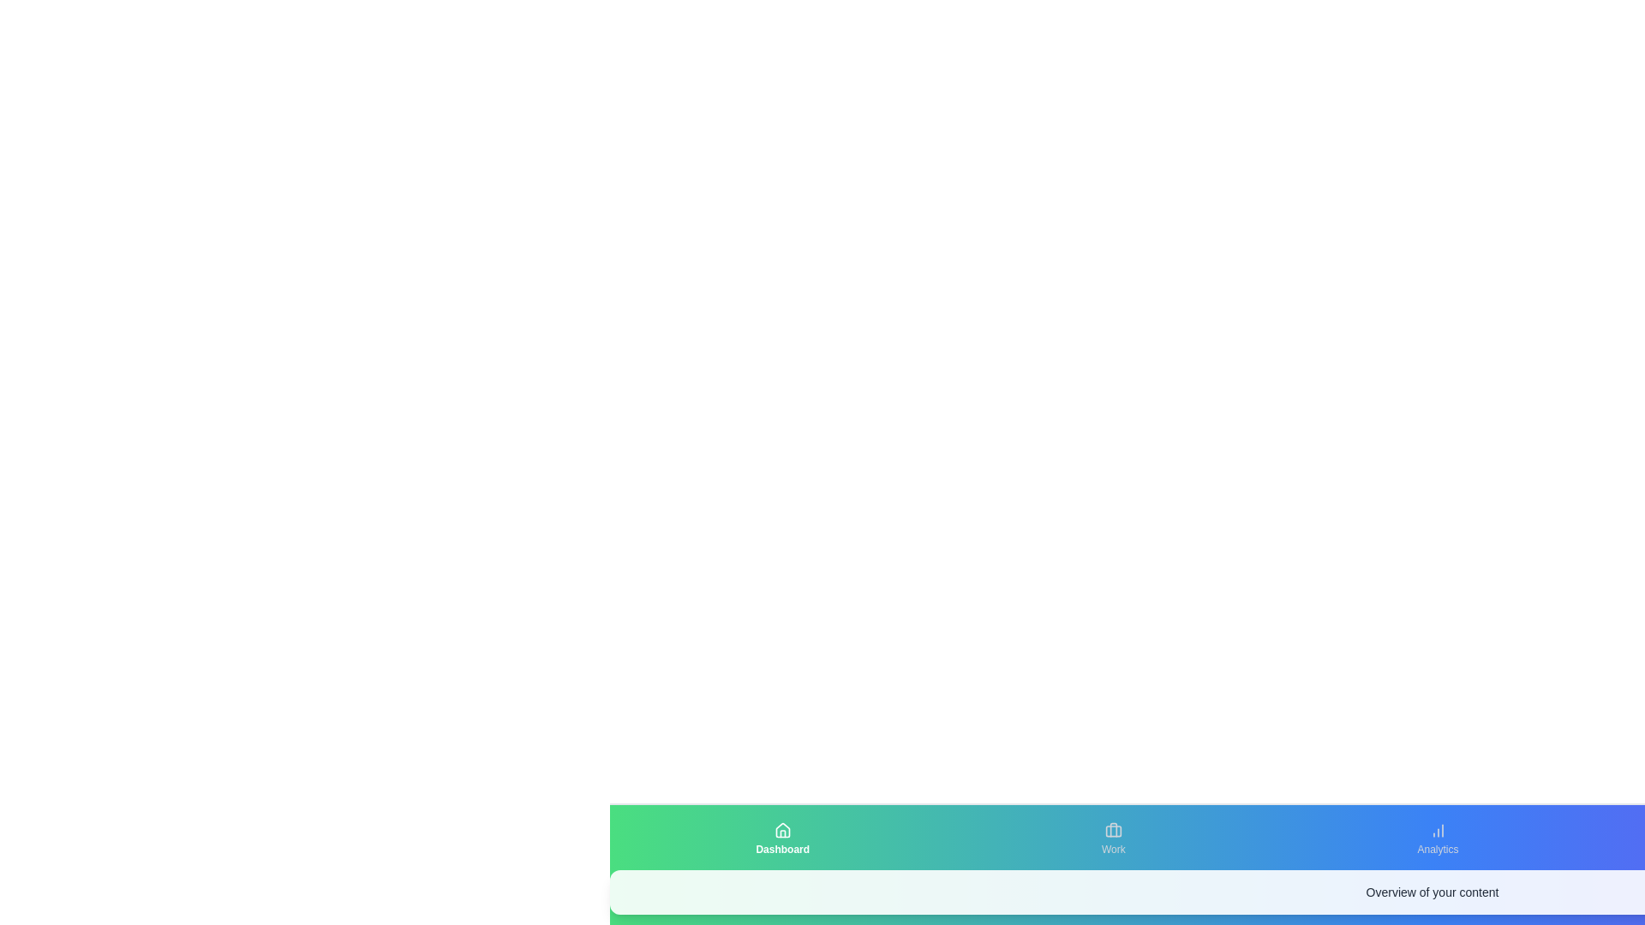  What do you see at coordinates (1438, 838) in the screenshot?
I see `the tab labeled Analytics to view its content` at bounding box center [1438, 838].